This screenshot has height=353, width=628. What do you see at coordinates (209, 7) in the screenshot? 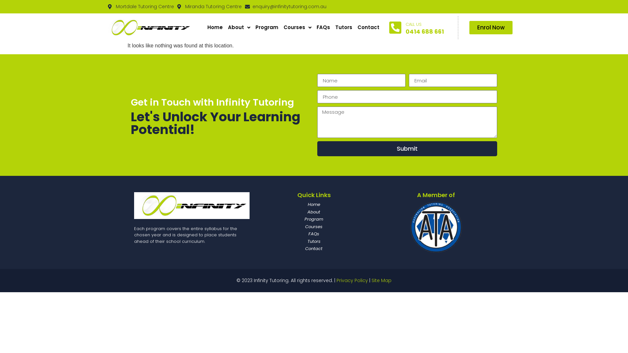
I see `'Miranda Tutoring Centre'` at bounding box center [209, 7].